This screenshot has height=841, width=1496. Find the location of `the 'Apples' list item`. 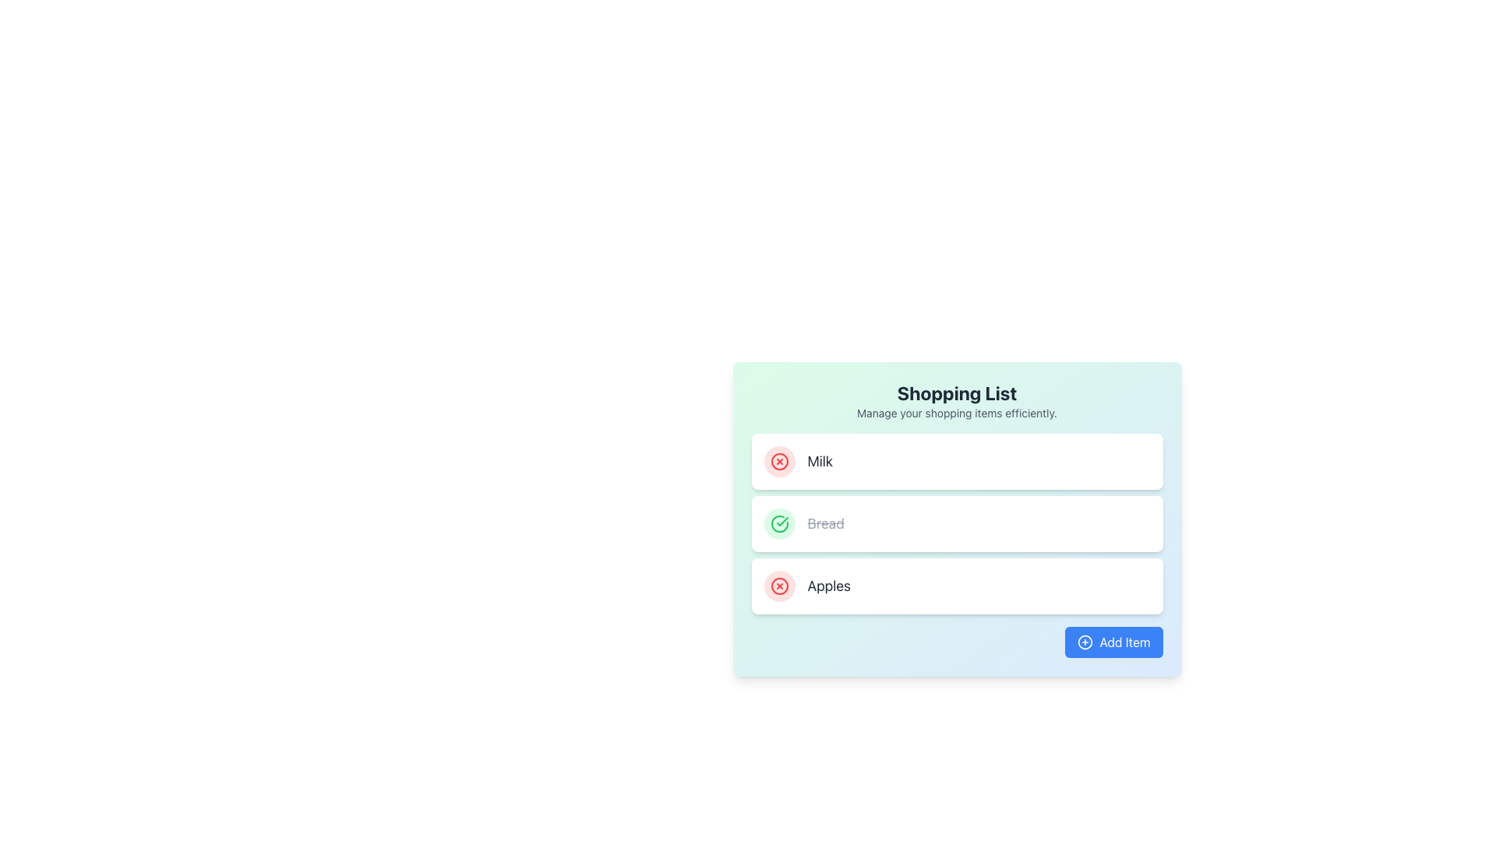

the 'Apples' list item is located at coordinates (956, 586).